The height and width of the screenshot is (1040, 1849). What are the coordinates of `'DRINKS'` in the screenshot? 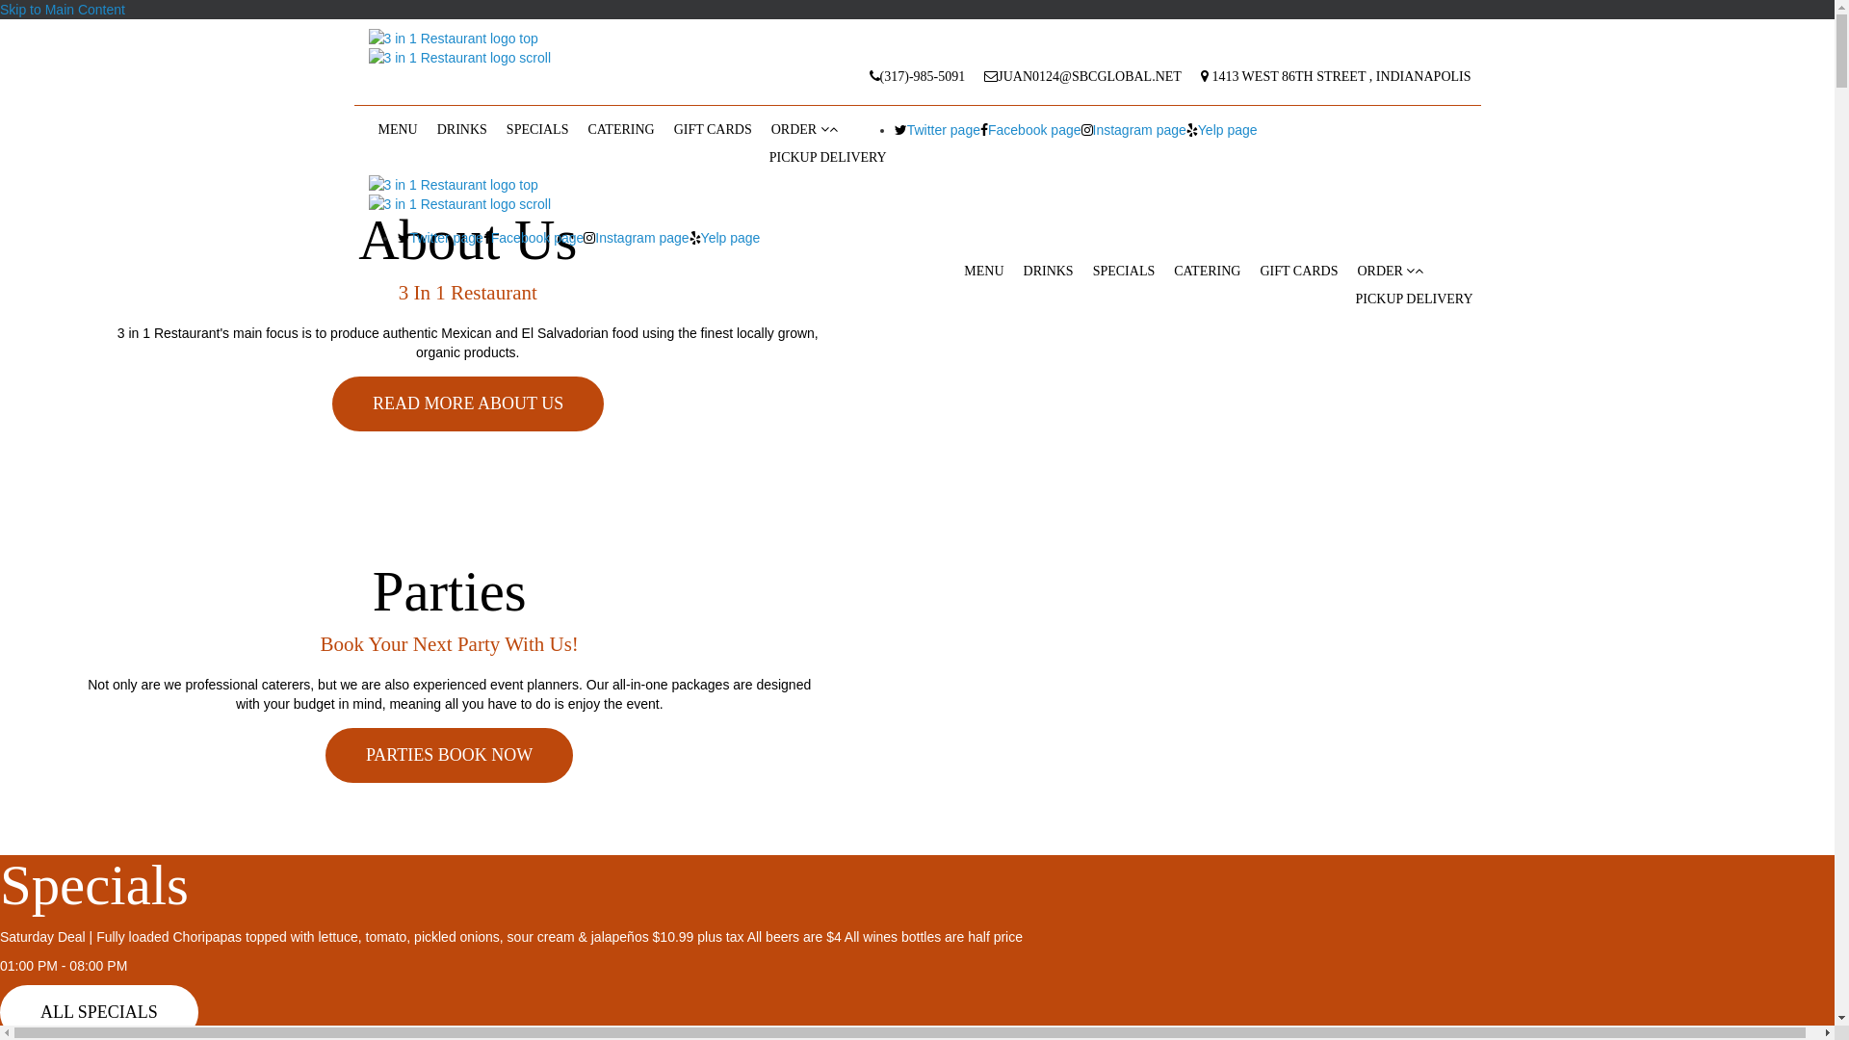 It's located at (1012, 271).